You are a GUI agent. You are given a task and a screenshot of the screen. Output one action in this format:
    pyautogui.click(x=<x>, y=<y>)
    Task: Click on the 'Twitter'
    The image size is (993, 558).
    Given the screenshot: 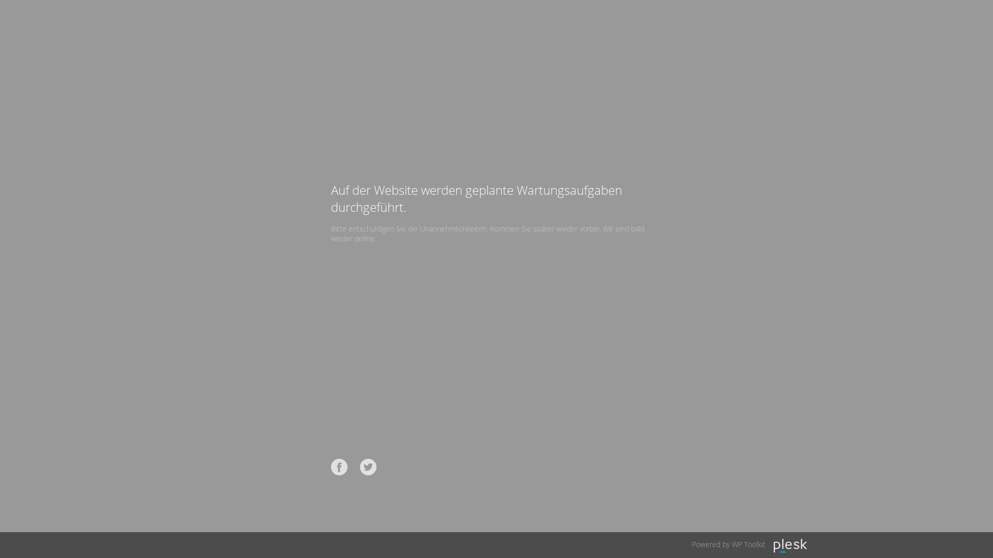 What is the action you would take?
    pyautogui.click(x=368, y=467)
    